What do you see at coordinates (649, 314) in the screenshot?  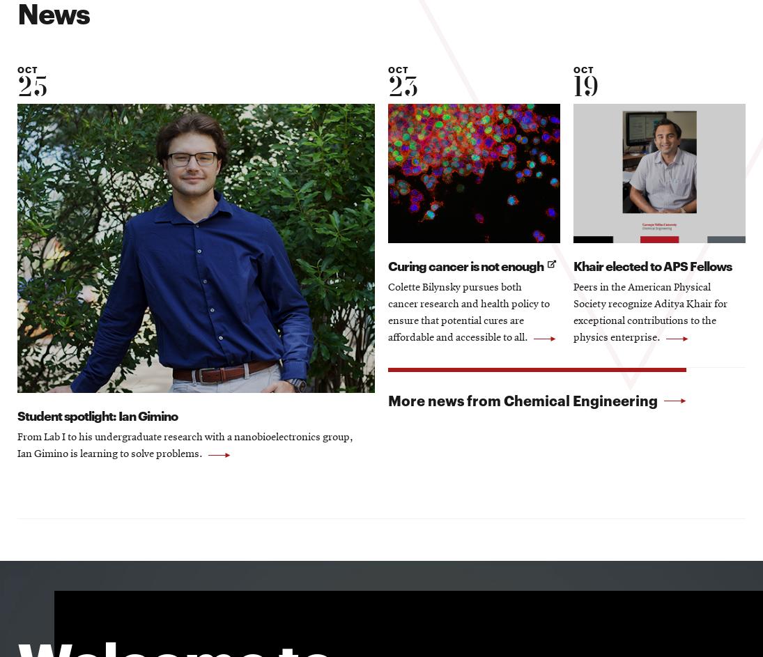 I see `'Peers in the American Physical Society recognize Aditya Khair for exceptional contributions to the physics enterprise.'` at bounding box center [649, 314].